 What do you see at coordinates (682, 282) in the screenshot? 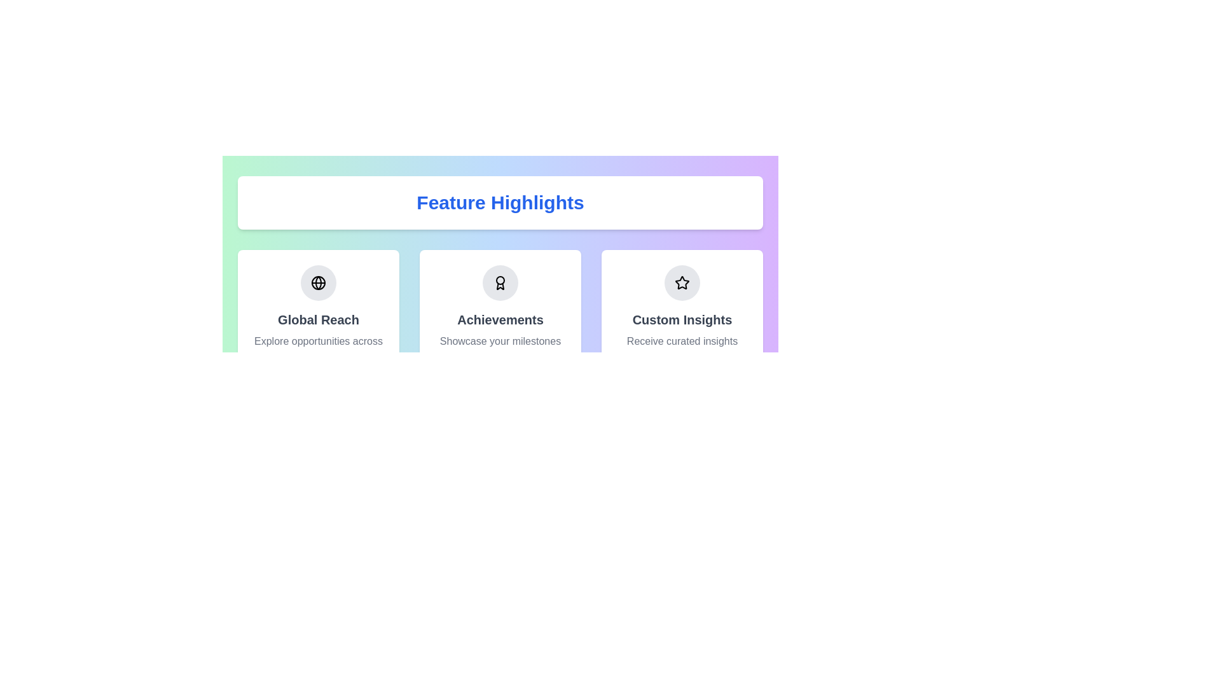
I see `the star icon located near the top-right of the interface, adjacent to the 'Custom Insights' section, to mark it as a favorite if interactive functionality is provided` at bounding box center [682, 282].